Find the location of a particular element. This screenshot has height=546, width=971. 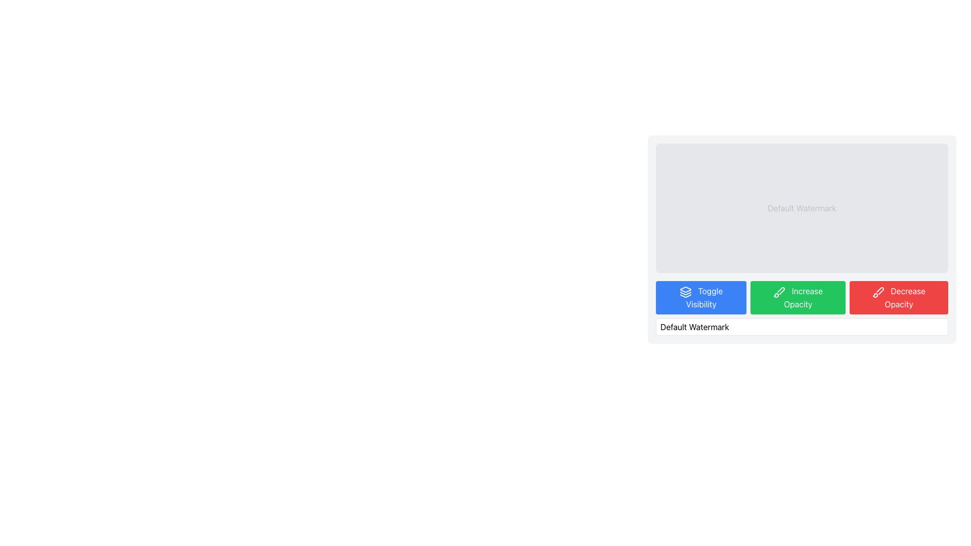

the visibility toggle icon located within the 'Toggle Visibility' button in the bottom-left section of the button panel, which is the first element preceding the text label is located at coordinates (686, 292).